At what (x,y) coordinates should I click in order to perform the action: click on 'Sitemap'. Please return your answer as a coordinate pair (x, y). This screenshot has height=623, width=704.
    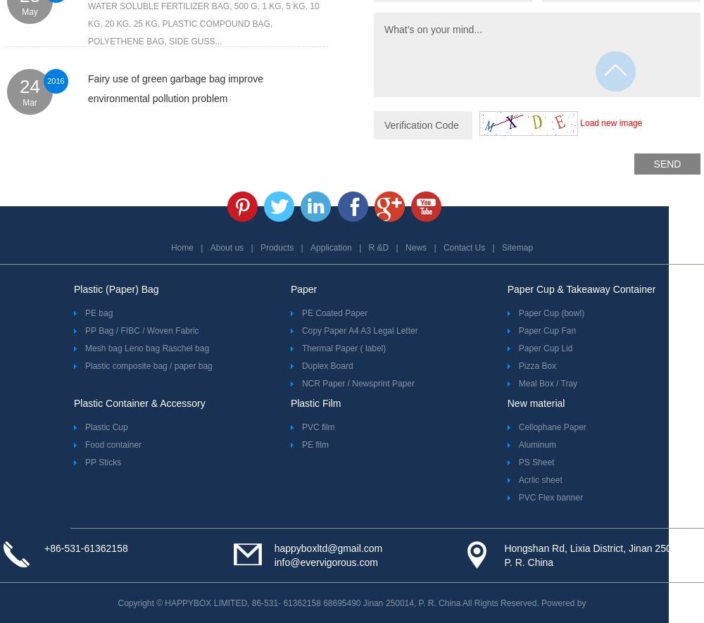
    Looking at the image, I should click on (501, 247).